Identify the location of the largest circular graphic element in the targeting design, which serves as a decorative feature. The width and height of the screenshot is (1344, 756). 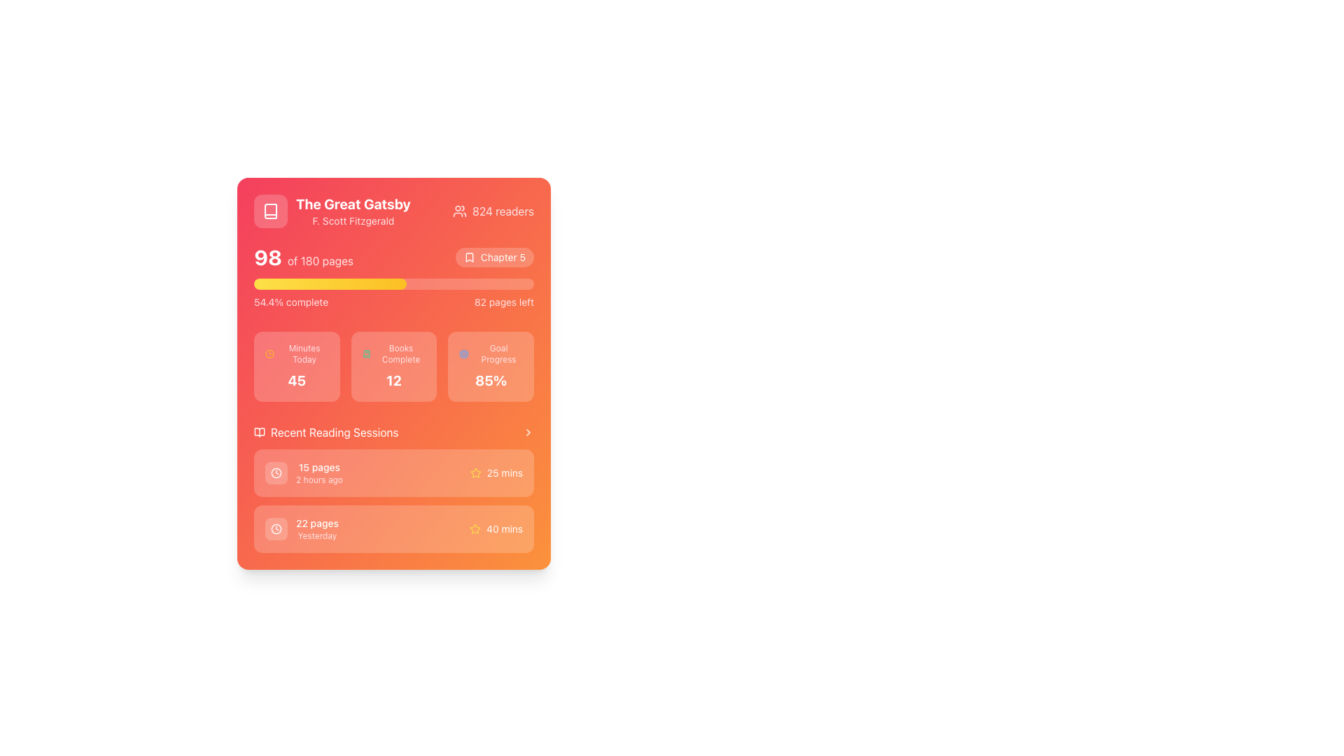
(464, 353).